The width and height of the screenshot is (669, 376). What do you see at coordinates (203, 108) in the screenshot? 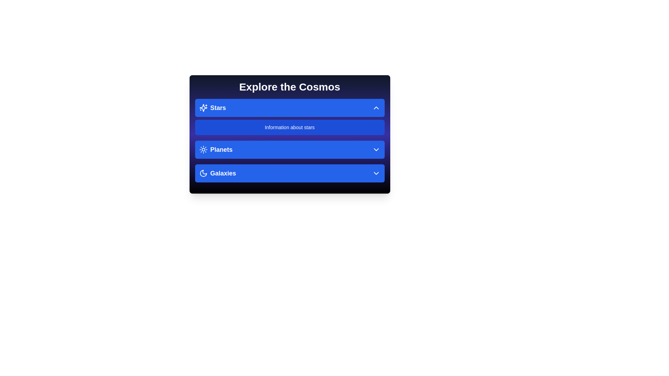
I see `the icon of the celestial category to view its representation` at bounding box center [203, 108].